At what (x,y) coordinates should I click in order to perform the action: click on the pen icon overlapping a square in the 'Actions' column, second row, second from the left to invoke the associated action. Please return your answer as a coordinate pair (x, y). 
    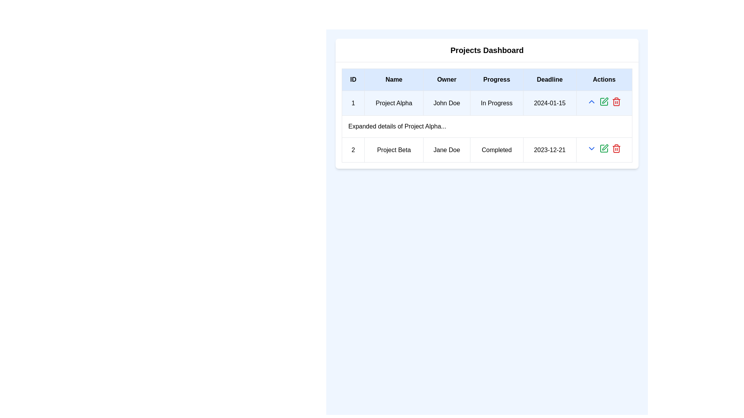
    Looking at the image, I should click on (605, 147).